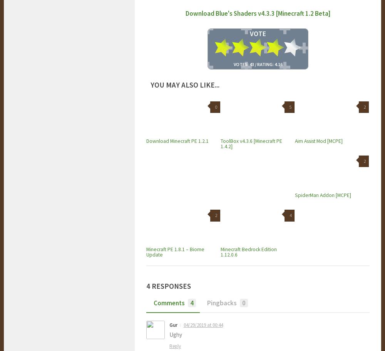 Image resolution: width=385 pixels, height=351 pixels. I want to click on 'Aim Assist Mod [MCPE]', so click(295, 141).